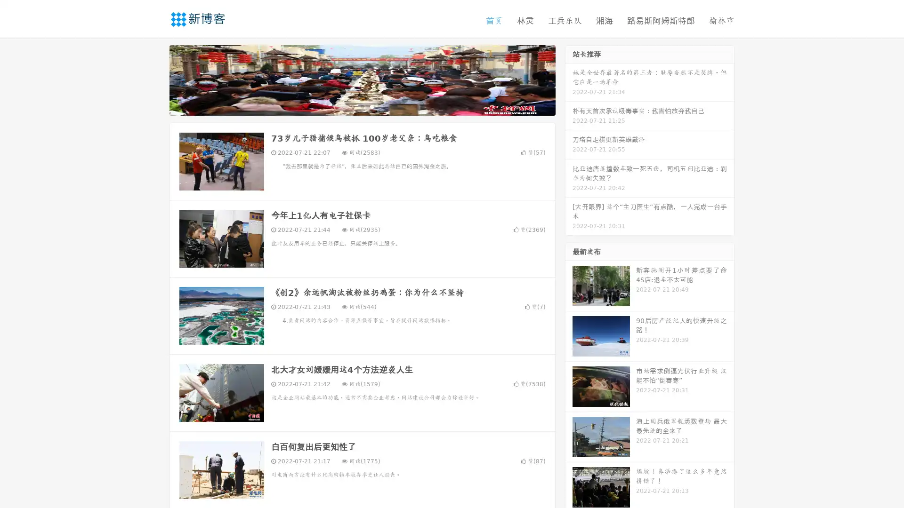  Describe the element at coordinates (371, 106) in the screenshot. I see `Go to slide 3` at that location.